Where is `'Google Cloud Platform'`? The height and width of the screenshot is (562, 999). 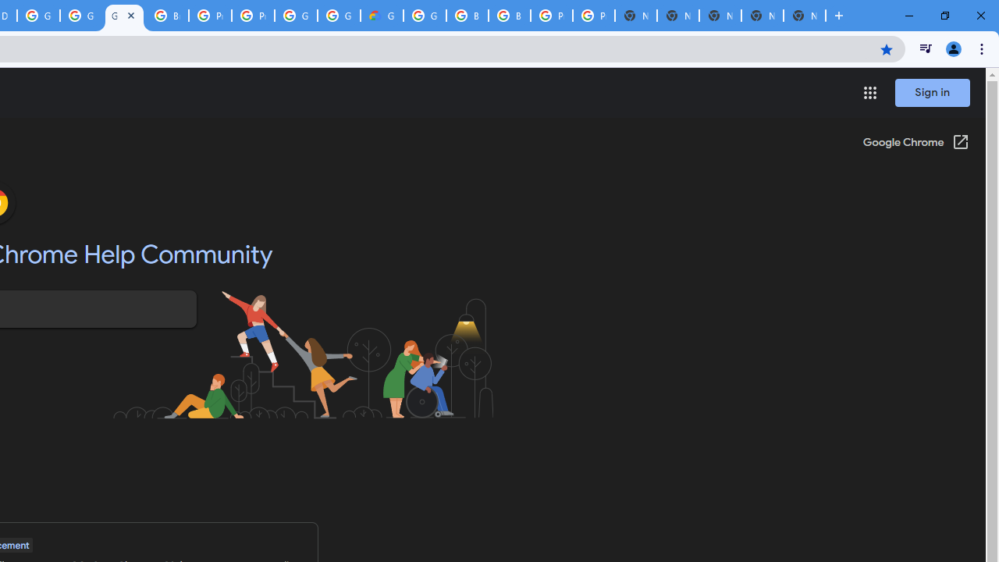 'Google Cloud Platform' is located at coordinates (338, 16).